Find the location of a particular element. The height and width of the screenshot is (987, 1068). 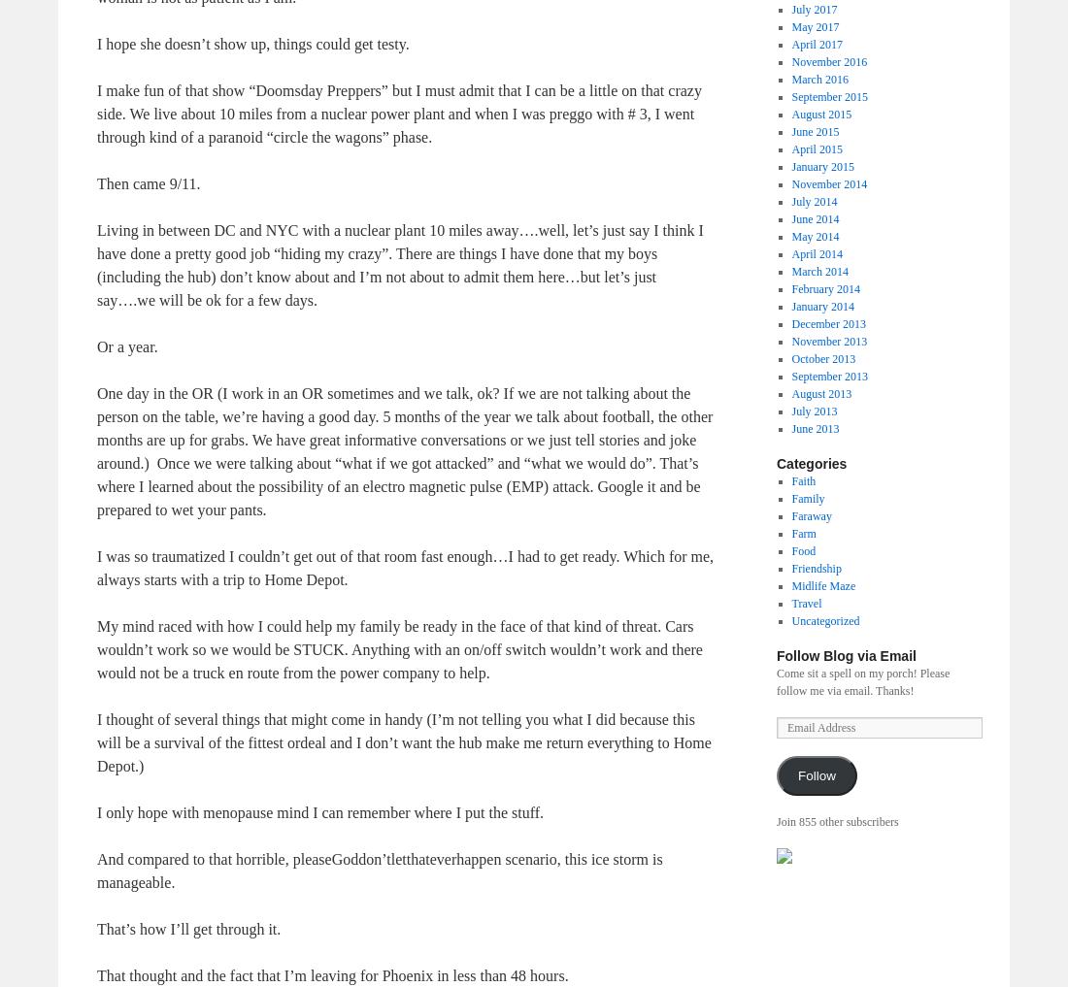

'September 2015' is located at coordinates (828, 95).